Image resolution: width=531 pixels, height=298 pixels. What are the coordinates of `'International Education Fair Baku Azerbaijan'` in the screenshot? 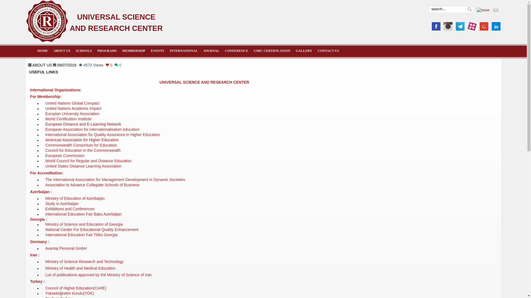 It's located at (83, 214).